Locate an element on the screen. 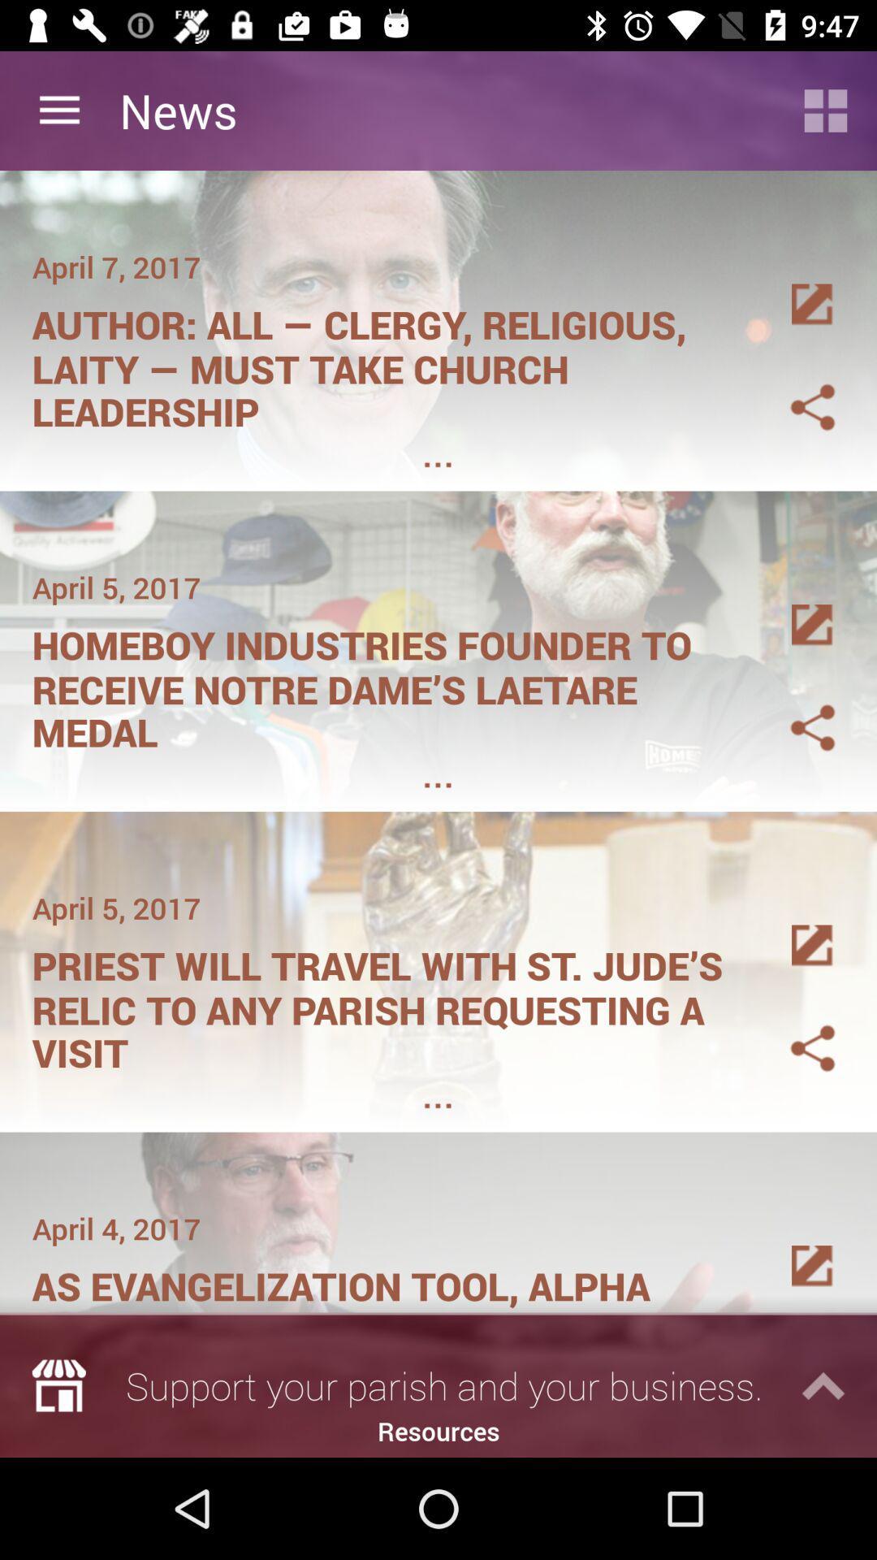 This screenshot has height=1560, width=877. share this article is located at coordinates (793, 1028).